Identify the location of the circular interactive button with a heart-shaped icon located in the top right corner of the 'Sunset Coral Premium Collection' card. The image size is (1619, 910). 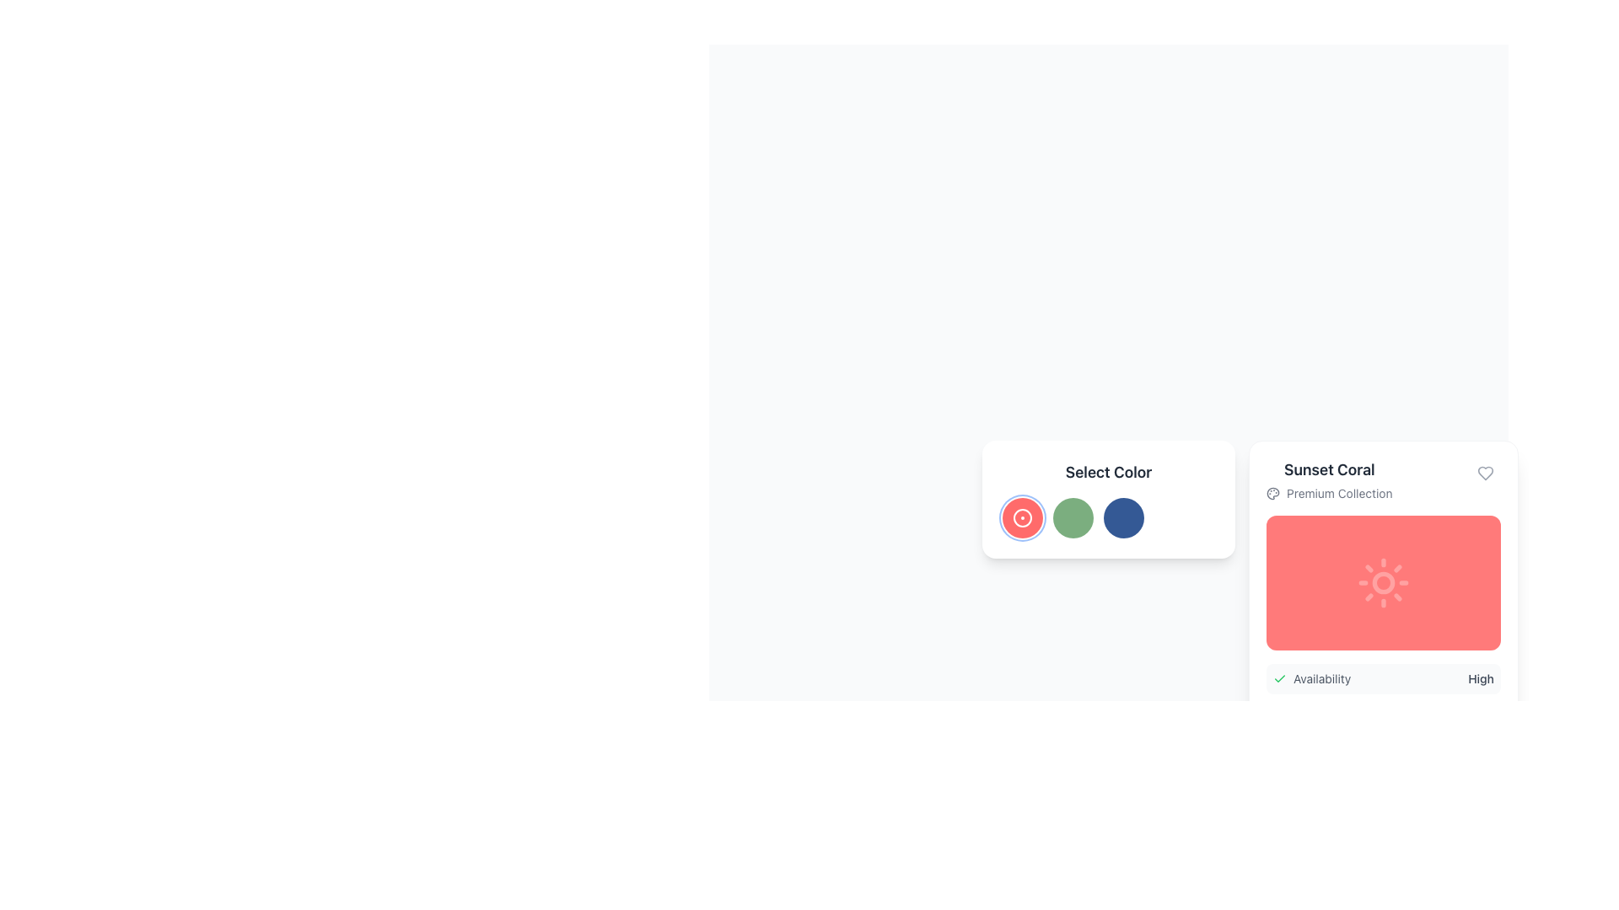
(1485, 474).